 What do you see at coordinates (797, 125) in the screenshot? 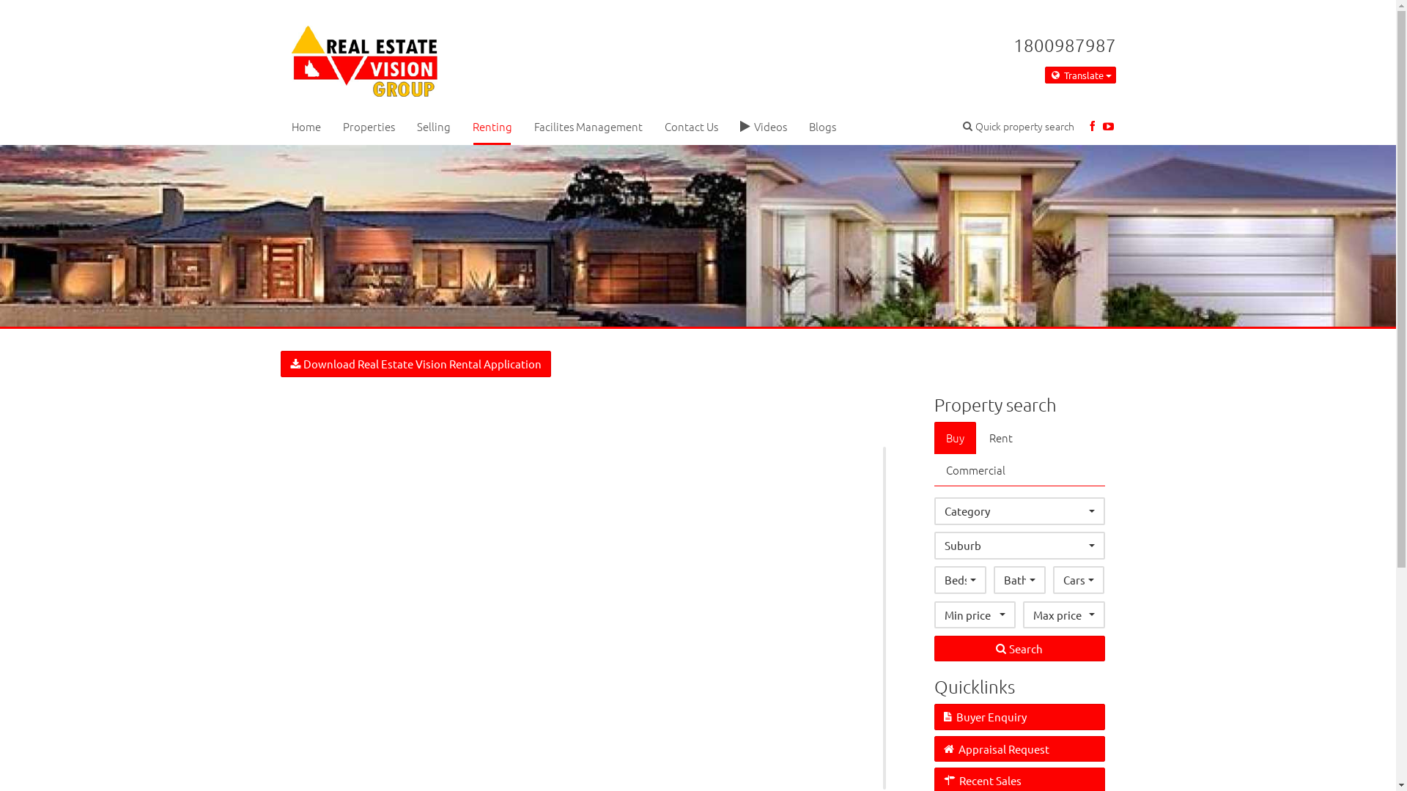
I see `'Blogs'` at bounding box center [797, 125].